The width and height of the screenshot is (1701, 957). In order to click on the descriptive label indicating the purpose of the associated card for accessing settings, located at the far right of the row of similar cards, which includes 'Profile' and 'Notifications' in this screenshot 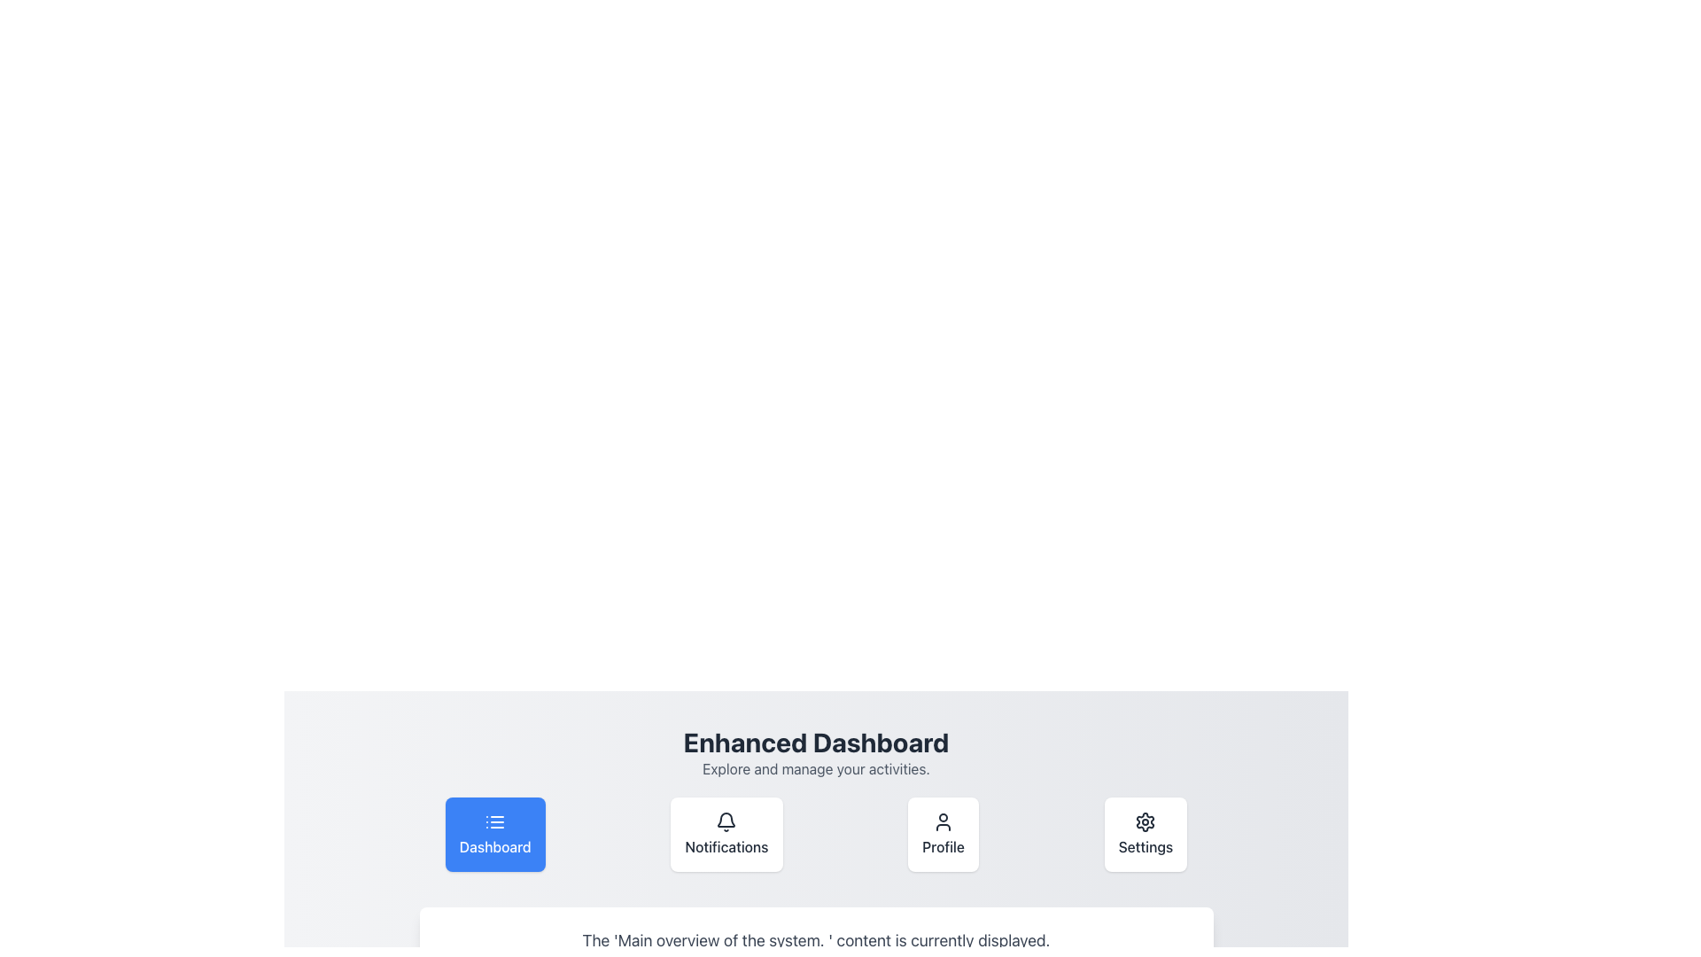, I will do `click(1146, 846)`.